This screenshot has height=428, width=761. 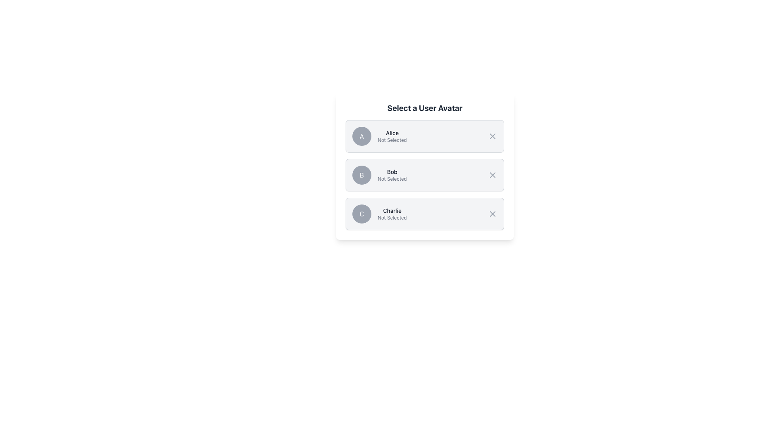 What do you see at coordinates (392, 175) in the screenshot?
I see `the profile component displaying 'Bob' and status 'Not Selected'` at bounding box center [392, 175].